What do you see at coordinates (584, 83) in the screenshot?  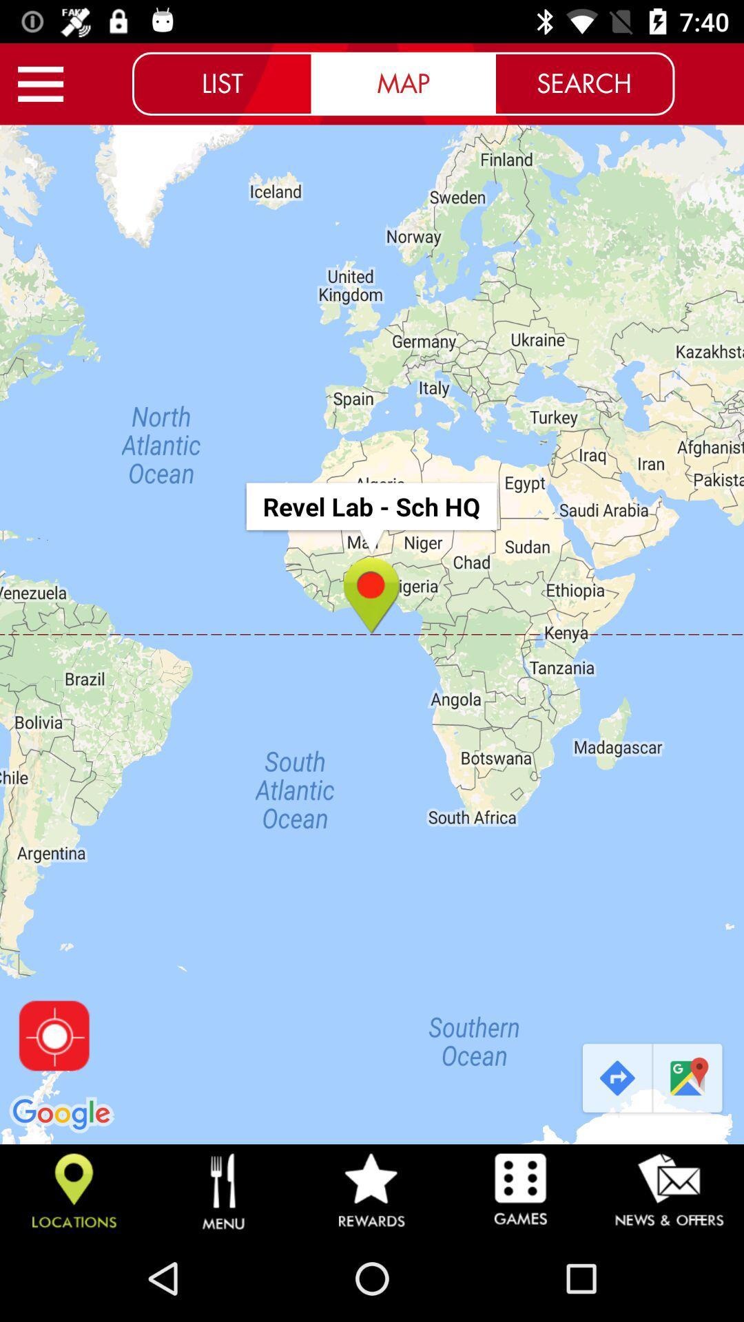 I see `the item at the top right corner` at bounding box center [584, 83].